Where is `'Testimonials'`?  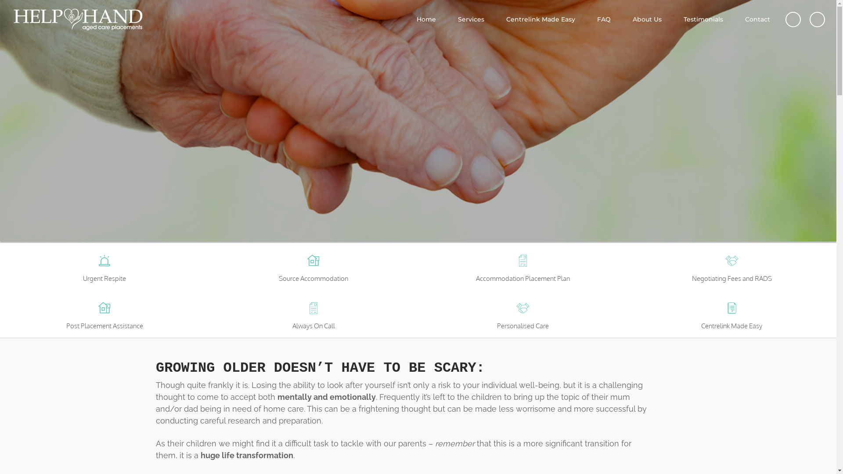 'Testimonials' is located at coordinates (703, 19).